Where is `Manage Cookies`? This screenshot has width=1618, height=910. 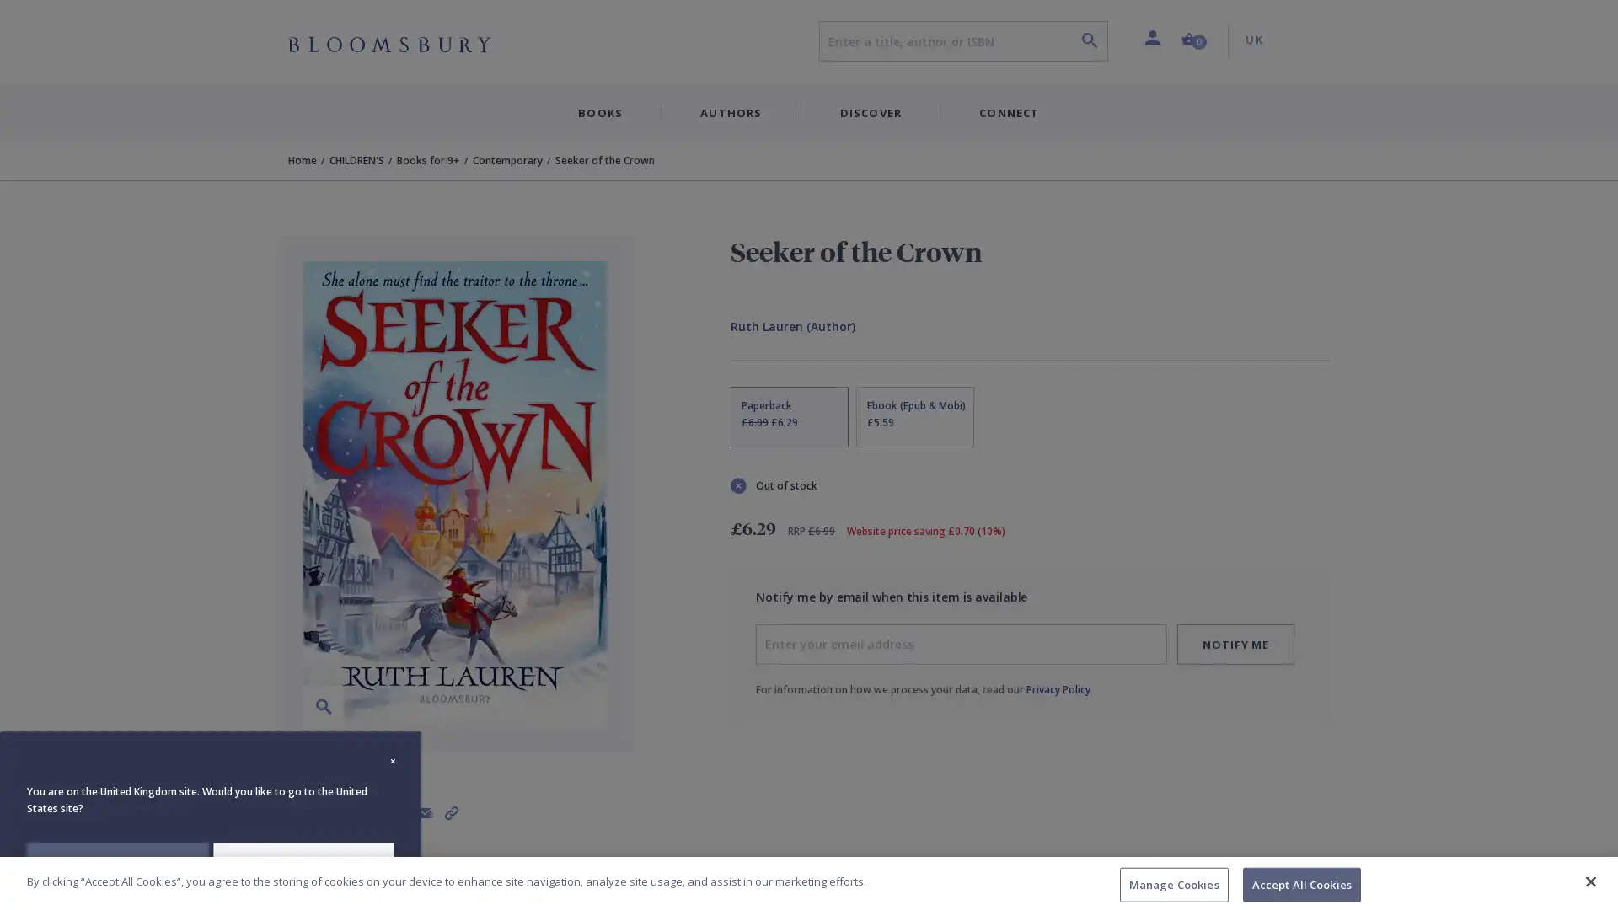 Manage Cookies is located at coordinates (1172, 883).